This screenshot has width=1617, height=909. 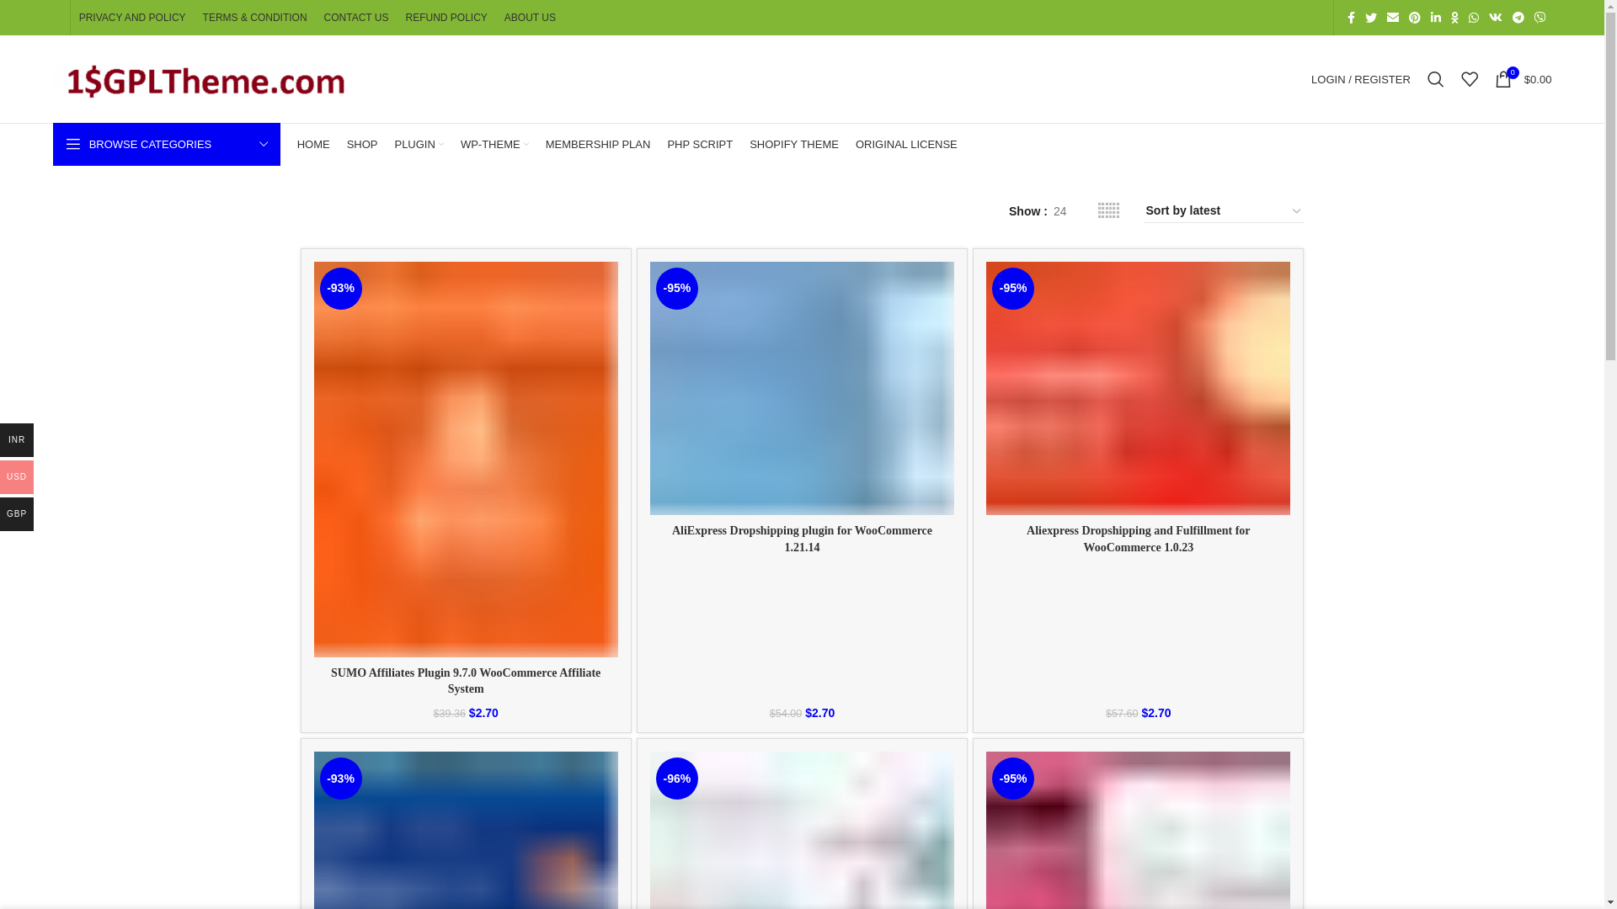 What do you see at coordinates (131, 17) in the screenshot?
I see `'PRIVACY AND POLICY'` at bounding box center [131, 17].